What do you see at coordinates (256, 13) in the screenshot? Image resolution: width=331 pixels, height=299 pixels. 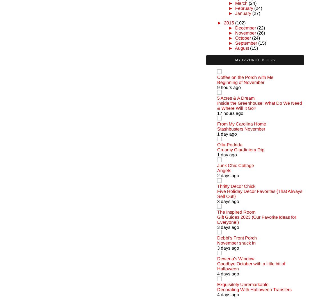 I see `'(27)'` at bounding box center [256, 13].